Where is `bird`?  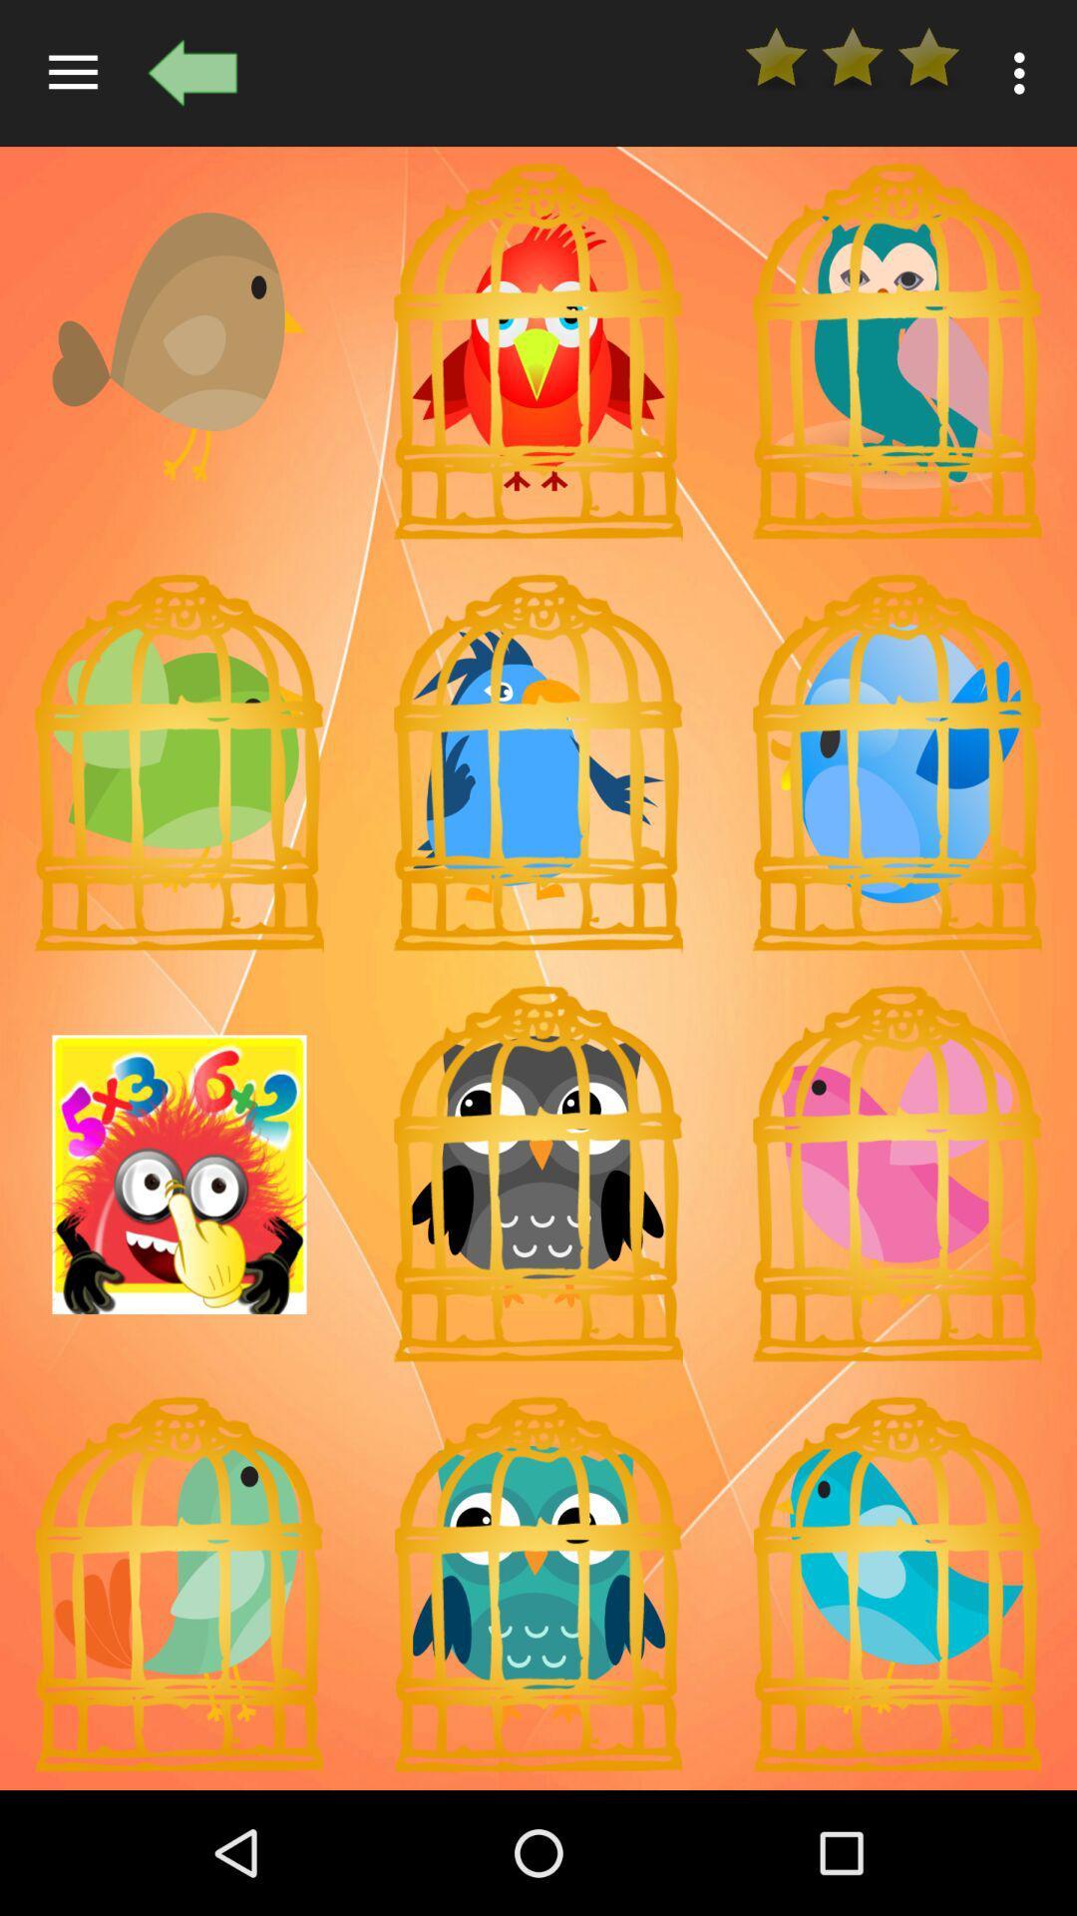 bird is located at coordinates (896, 351).